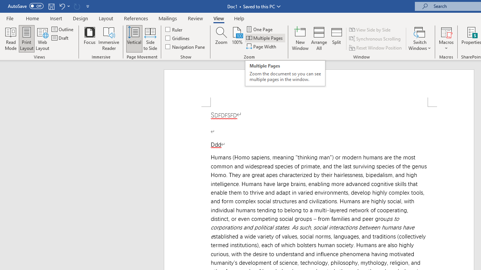  What do you see at coordinates (77, 6) in the screenshot?
I see `'Can'` at bounding box center [77, 6].